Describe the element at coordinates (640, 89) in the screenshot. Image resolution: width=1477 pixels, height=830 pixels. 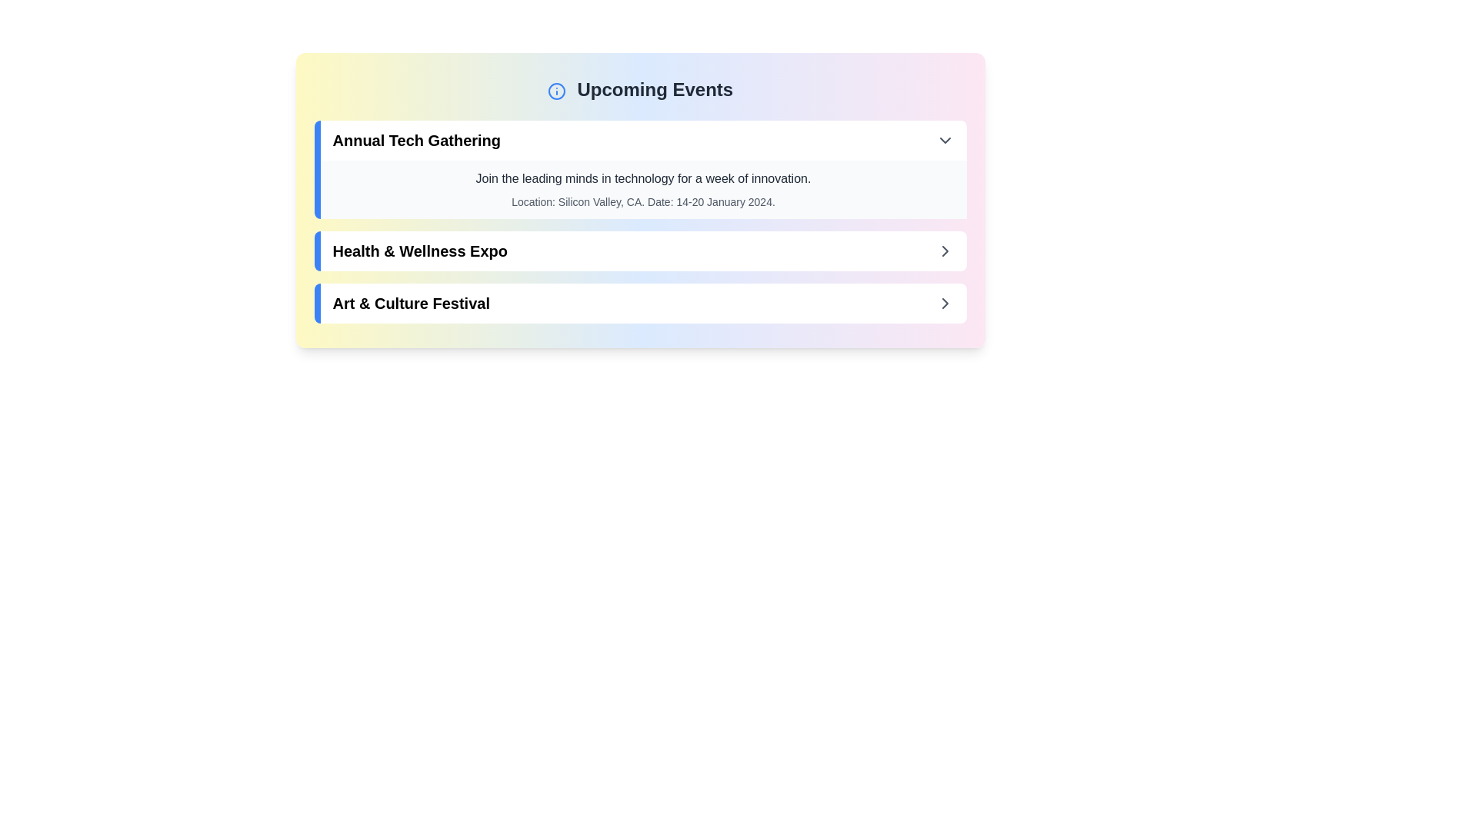
I see `the 'Upcoming Events' text-based header, which is styled with a bold font and accompanied by a blue information icon on its left side, located at the top of the section` at that location.